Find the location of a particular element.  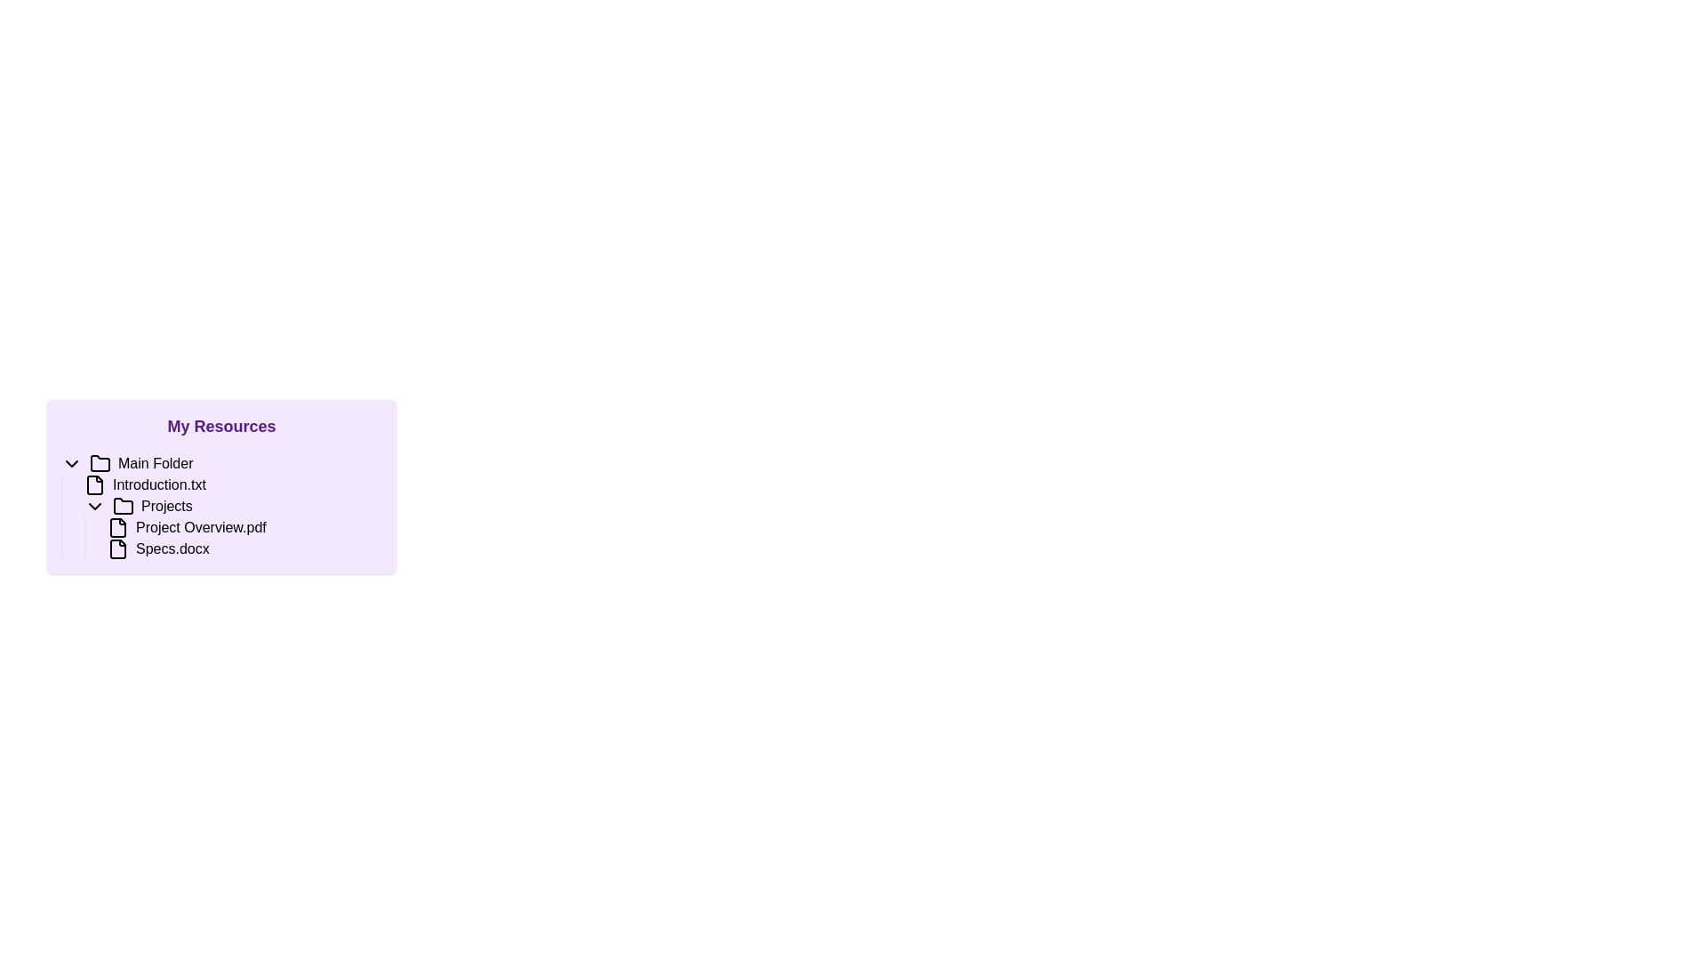

the label representing the document 'Specs.docx' located under the 'Projects' folder, which is the second item is located at coordinates (172, 548).